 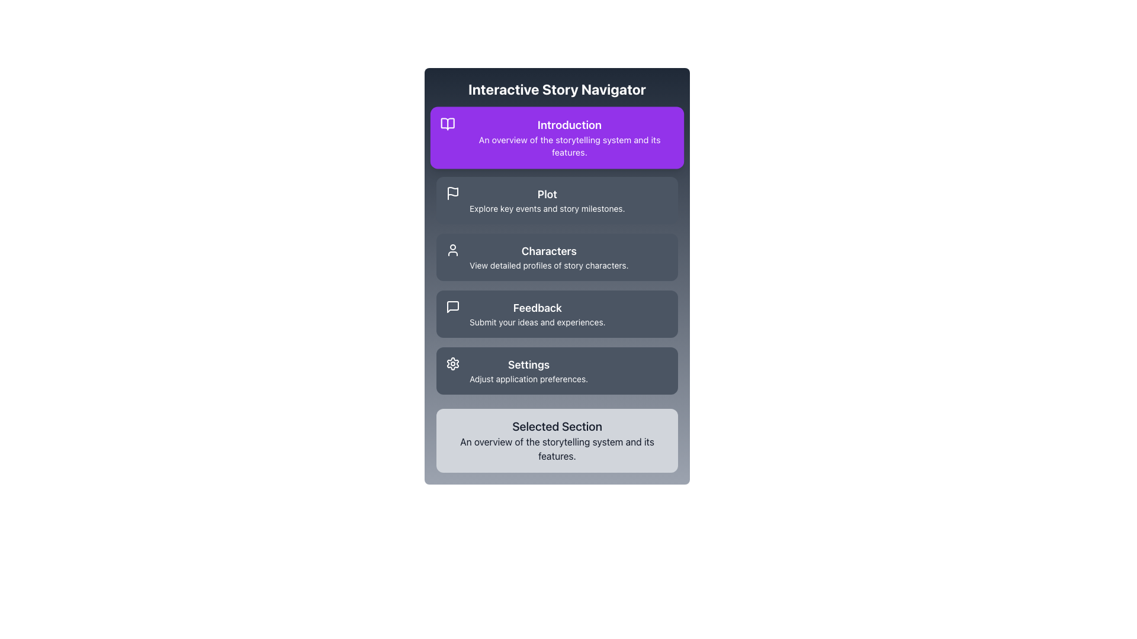 I want to click on the white flag icon with a pole, which is located on a dark gray button-like background in the 'Plot' section of the second button from the top, so click(x=452, y=193).